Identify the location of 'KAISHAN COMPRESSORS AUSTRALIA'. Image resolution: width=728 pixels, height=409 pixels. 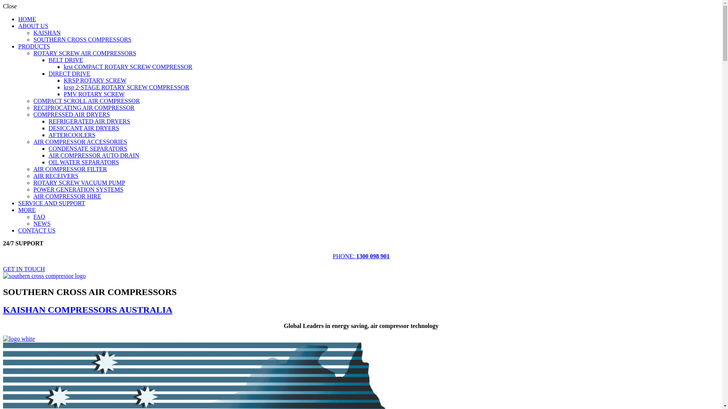
(88, 309).